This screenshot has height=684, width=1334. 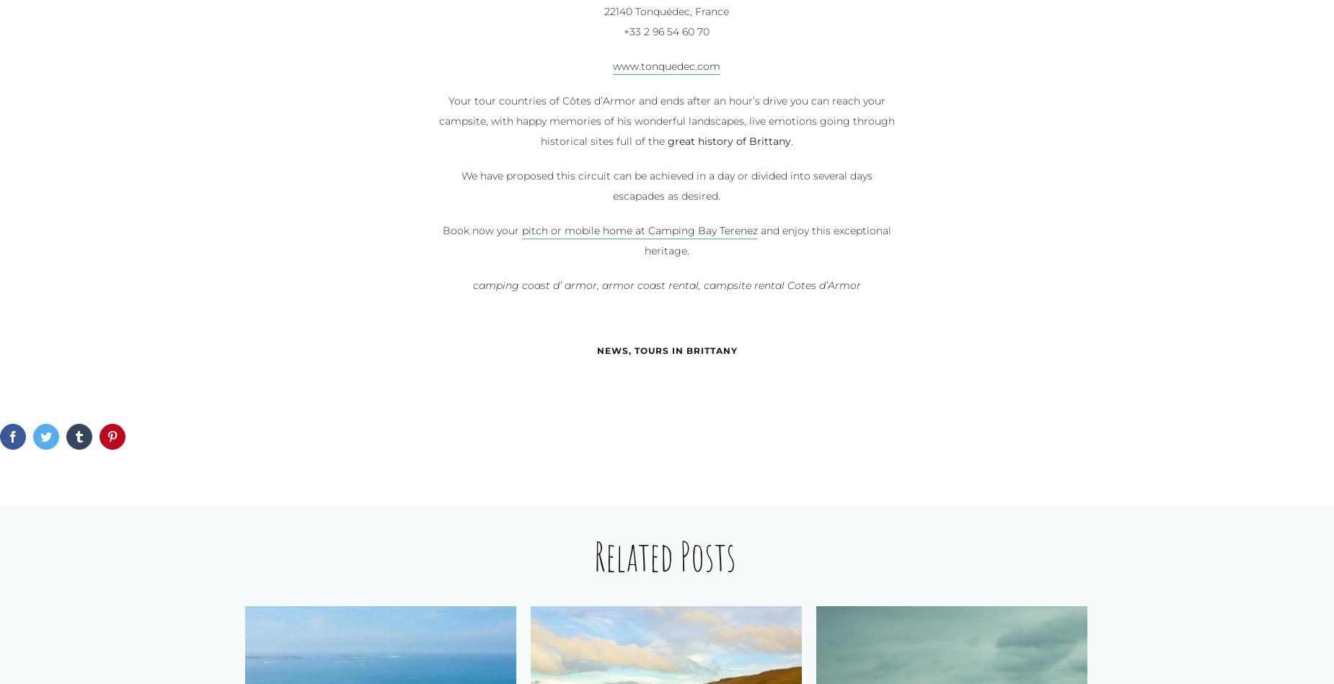 What do you see at coordinates (596, 350) in the screenshot?
I see `'News'` at bounding box center [596, 350].